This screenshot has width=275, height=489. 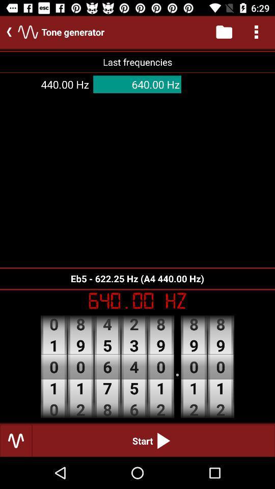 What do you see at coordinates (28, 32) in the screenshot?
I see `the font icon` at bounding box center [28, 32].